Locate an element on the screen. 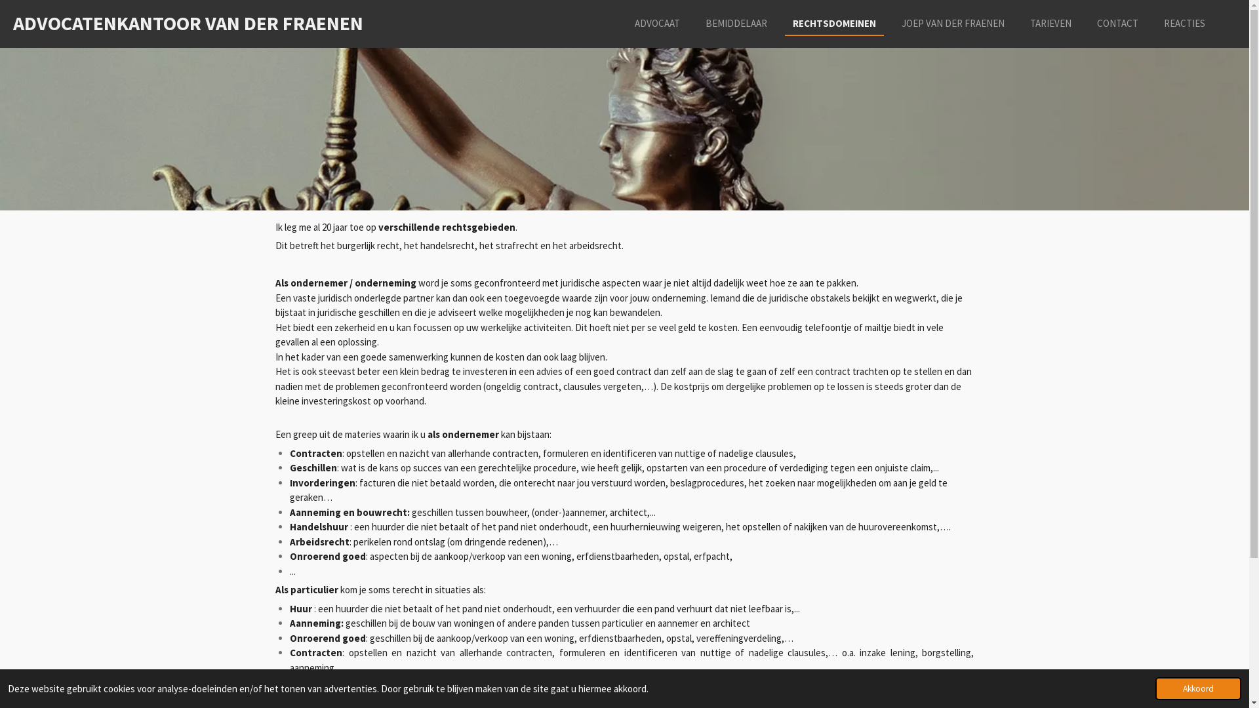  'ADVOCAAT' is located at coordinates (657, 24).